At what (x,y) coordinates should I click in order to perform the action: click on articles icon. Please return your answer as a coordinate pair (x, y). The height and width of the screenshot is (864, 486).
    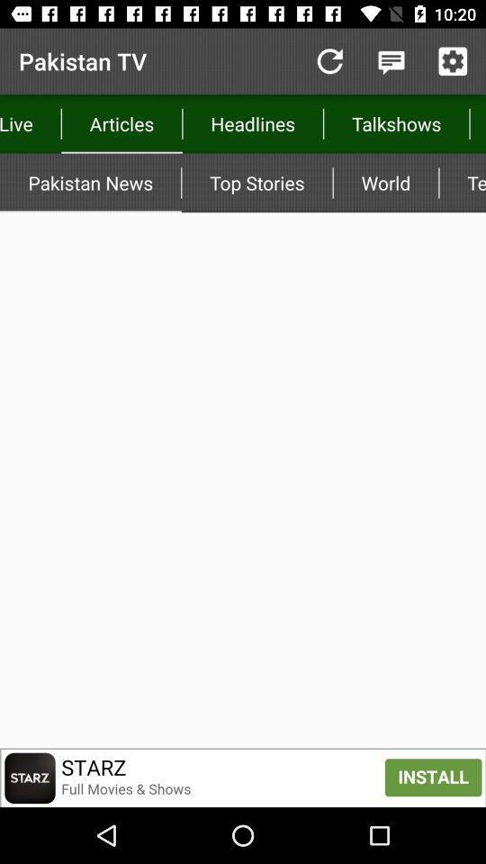
    Looking at the image, I should click on (121, 122).